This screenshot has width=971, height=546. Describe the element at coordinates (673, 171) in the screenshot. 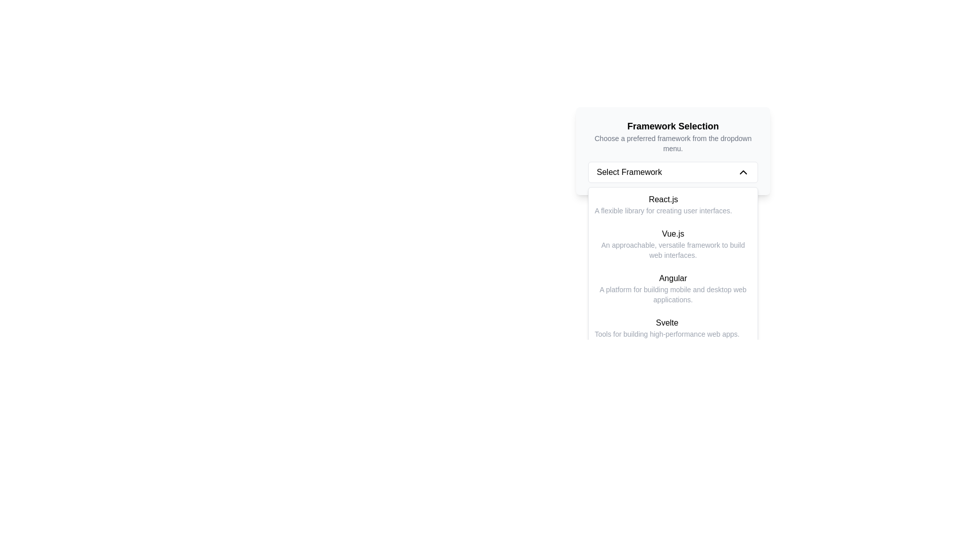

I see `the 'Select Framework' dropdown menu` at that location.